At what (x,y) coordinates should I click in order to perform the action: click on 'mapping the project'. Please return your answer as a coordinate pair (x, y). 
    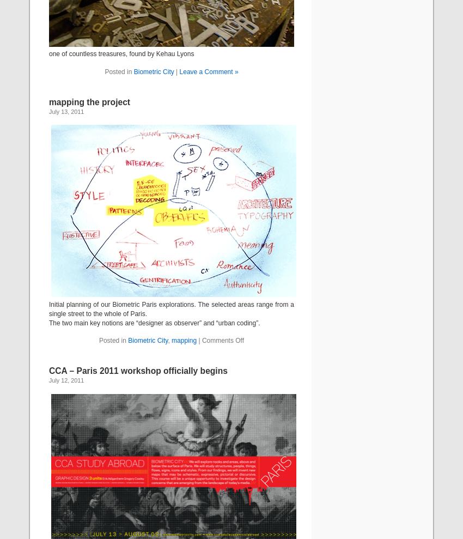
    Looking at the image, I should click on (48, 101).